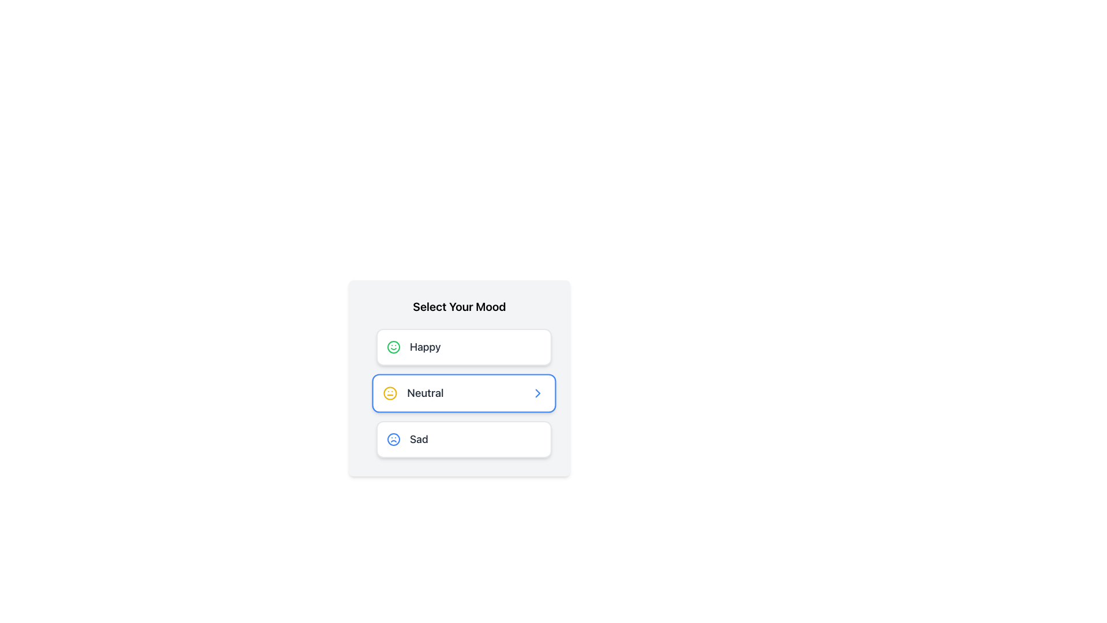 Image resolution: width=1107 pixels, height=623 pixels. What do you see at coordinates (393, 346) in the screenshot?
I see `the green smiley face icon located on the left side of the 'Happy' selection card, which is the leftmost component within the top card of a series of three` at bounding box center [393, 346].